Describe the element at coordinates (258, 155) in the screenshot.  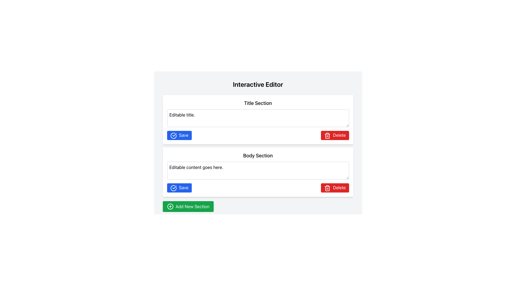
I see `the Static Text displaying 'Body Section' which is prominently styled and located above an editable text area within a card-like block` at that location.